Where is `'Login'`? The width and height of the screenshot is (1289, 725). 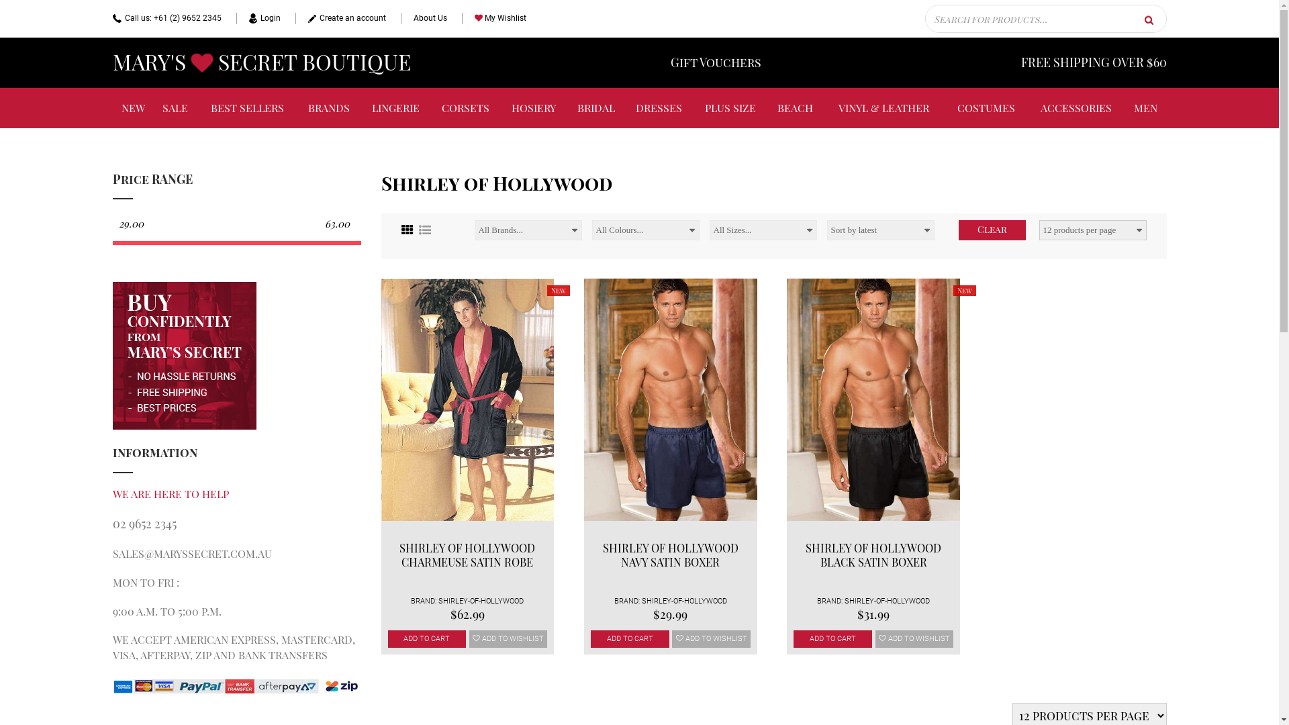 'Login' is located at coordinates (258, 18).